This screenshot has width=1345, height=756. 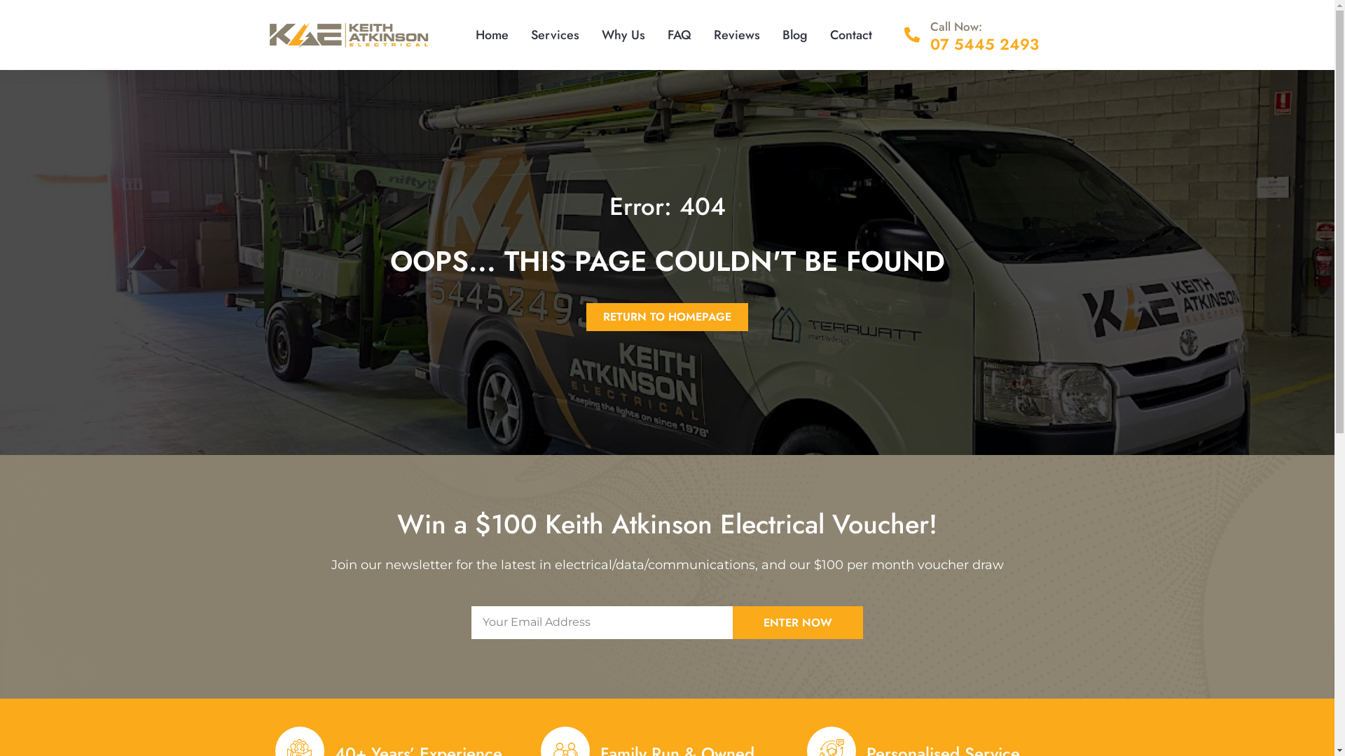 What do you see at coordinates (794, 34) in the screenshot?
I see `'Blog'` at bounding box center [794, 34].